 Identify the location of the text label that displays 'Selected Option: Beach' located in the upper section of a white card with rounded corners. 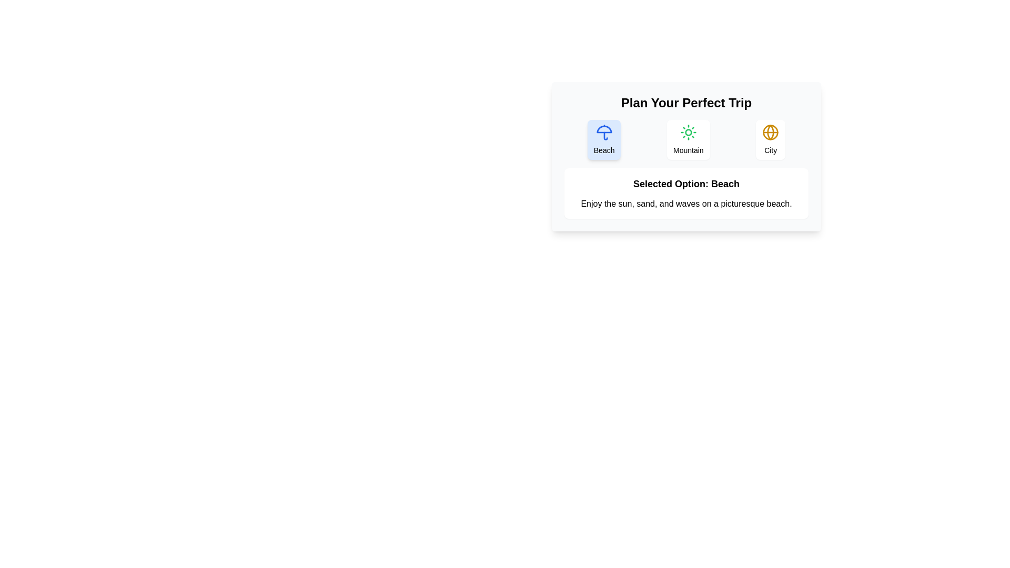
(686, 184).